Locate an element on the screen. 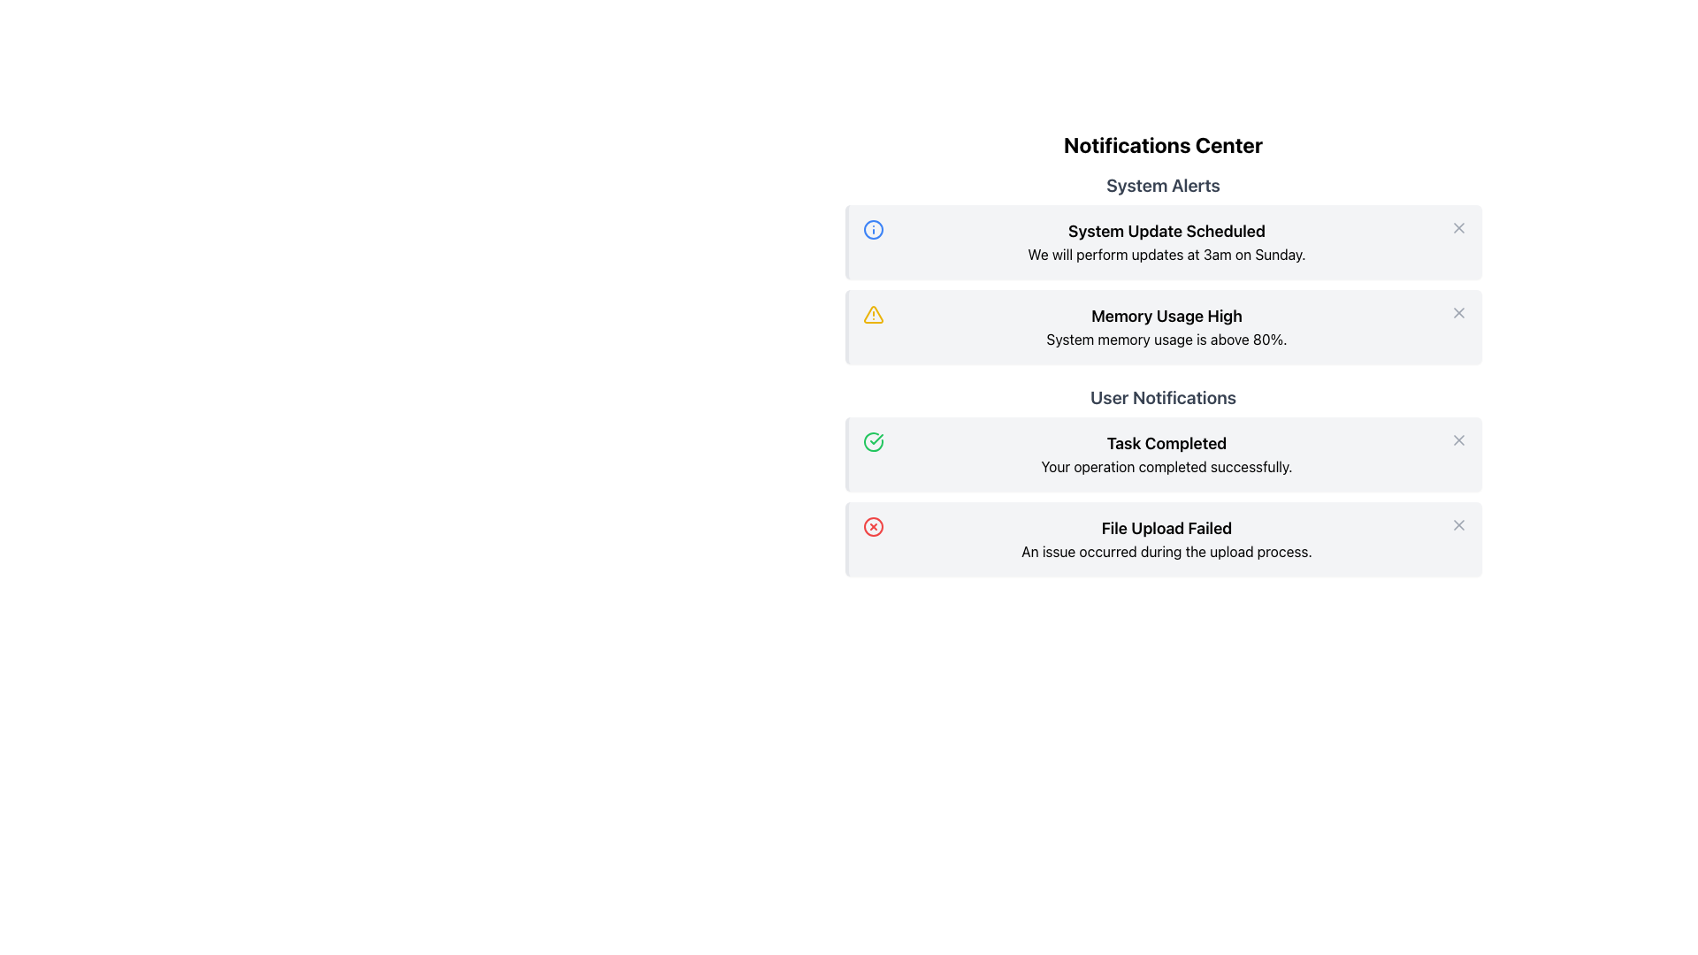  the central circle graphic element of the 'Close' icon in the 'File Upload Failed' notification within the 'User Notifications' section is located at coordinates (873, 526).